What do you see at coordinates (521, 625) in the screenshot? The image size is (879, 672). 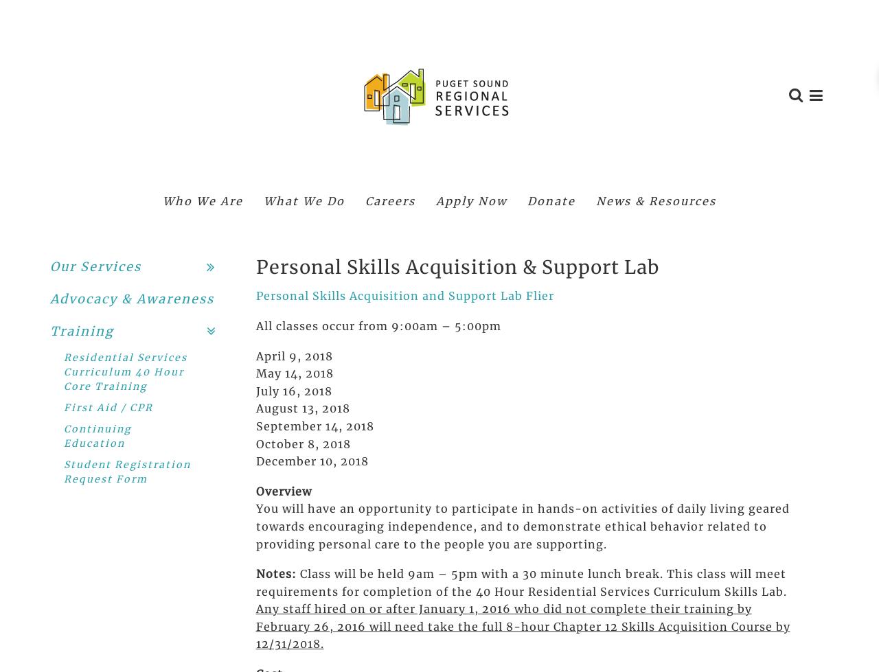 I see `'Any staff hired on or after January 1, 2016 who did not complete their training by February 26, 2016 will need take the full 8-hour Chapter 12 Skills Acquisition Course by 12/31/2018.'` at bounding box center [521, 625].